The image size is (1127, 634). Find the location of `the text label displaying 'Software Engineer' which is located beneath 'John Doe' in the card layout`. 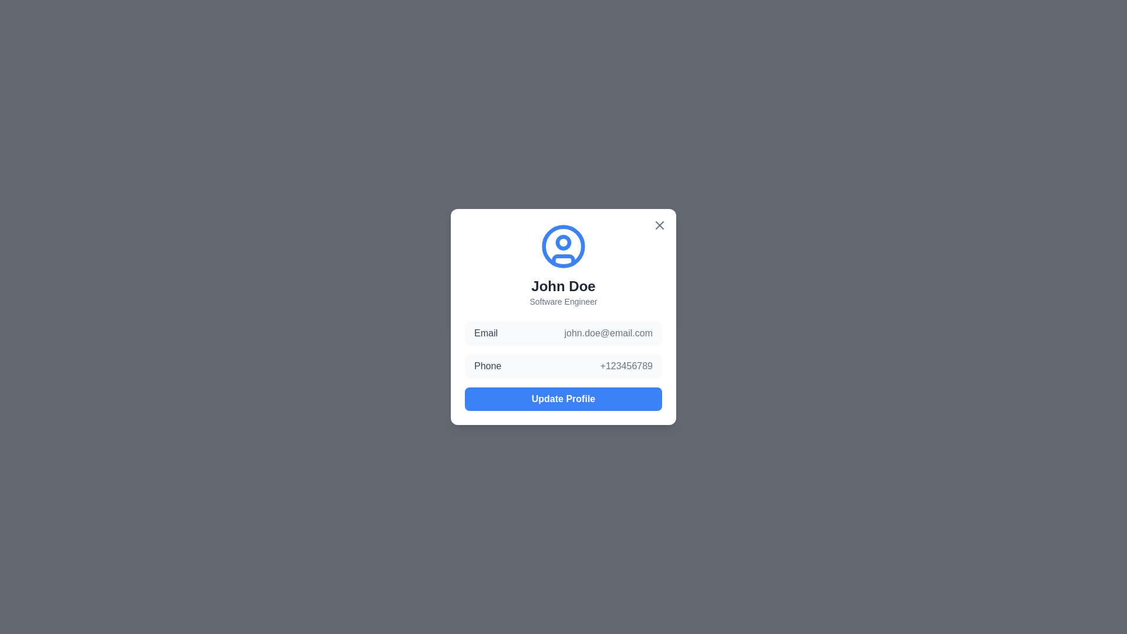

the text label displaying 'Software Engineer' which is located beneath 'John Doe' in the card layout is located at coordinates (563, 301).